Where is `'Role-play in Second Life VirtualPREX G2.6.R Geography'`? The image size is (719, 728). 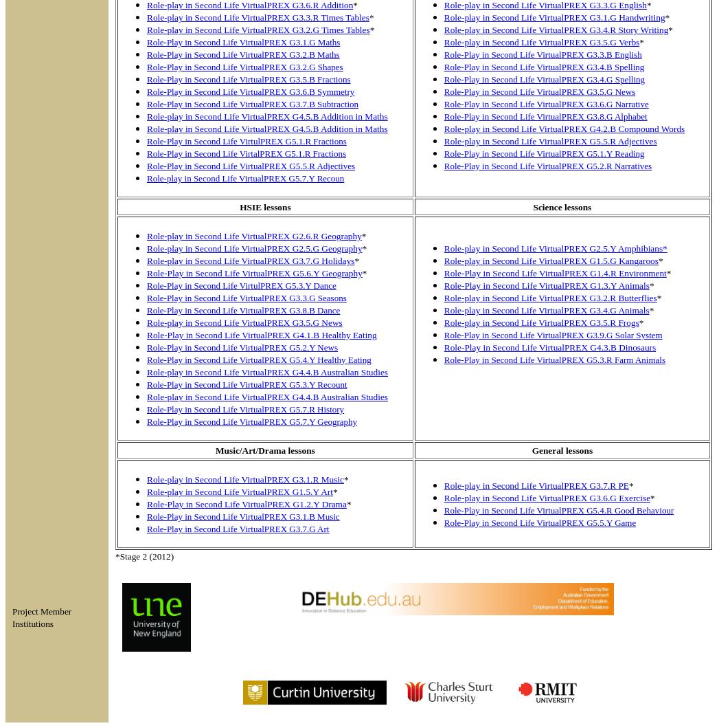
'Role-play in Second Life VirtualPREX G2.6.R Geography' is located at coordinates (254, 235).